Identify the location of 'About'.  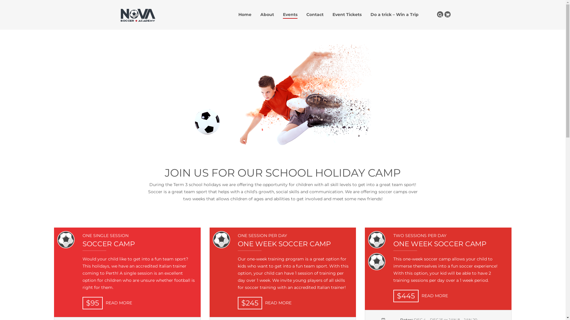
(267, 14).